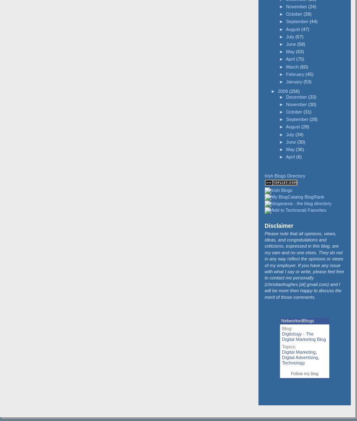 The width and height of the screenshot is (357, 421). What do you see at coordinates (309, 73) in the screenshot?
I see `'(45)'` at bounding box center [309, 73].